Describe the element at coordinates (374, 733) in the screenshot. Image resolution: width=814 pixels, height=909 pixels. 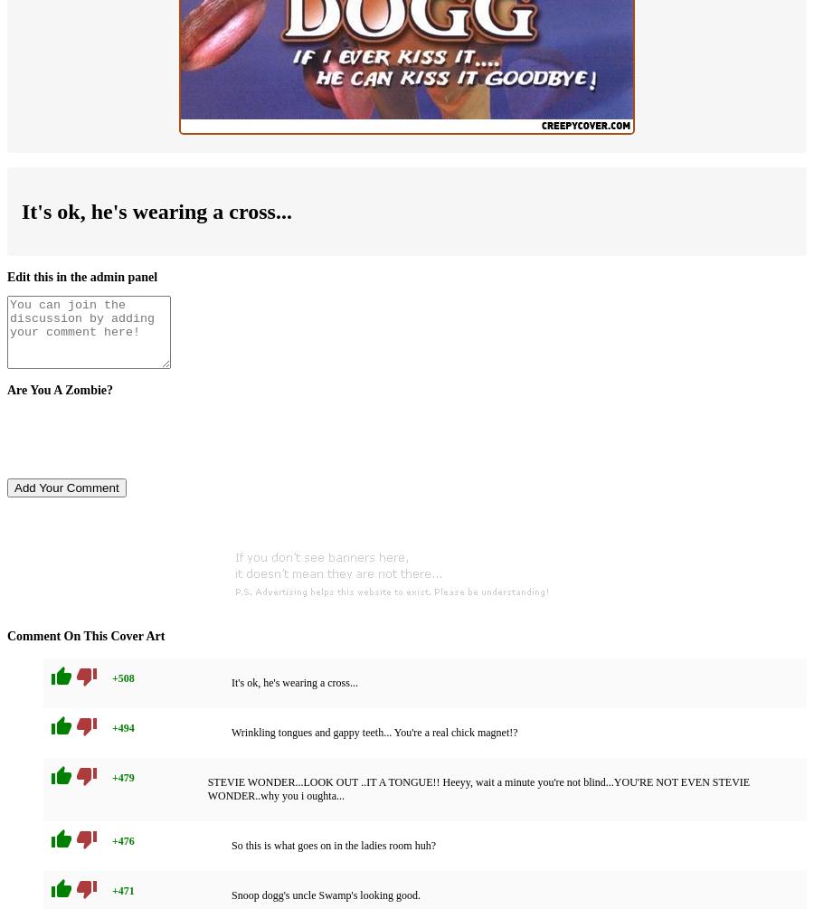
I see `'Wrinkling tongues and gappy teeth... You're a real chick magnet!?'` at that location.